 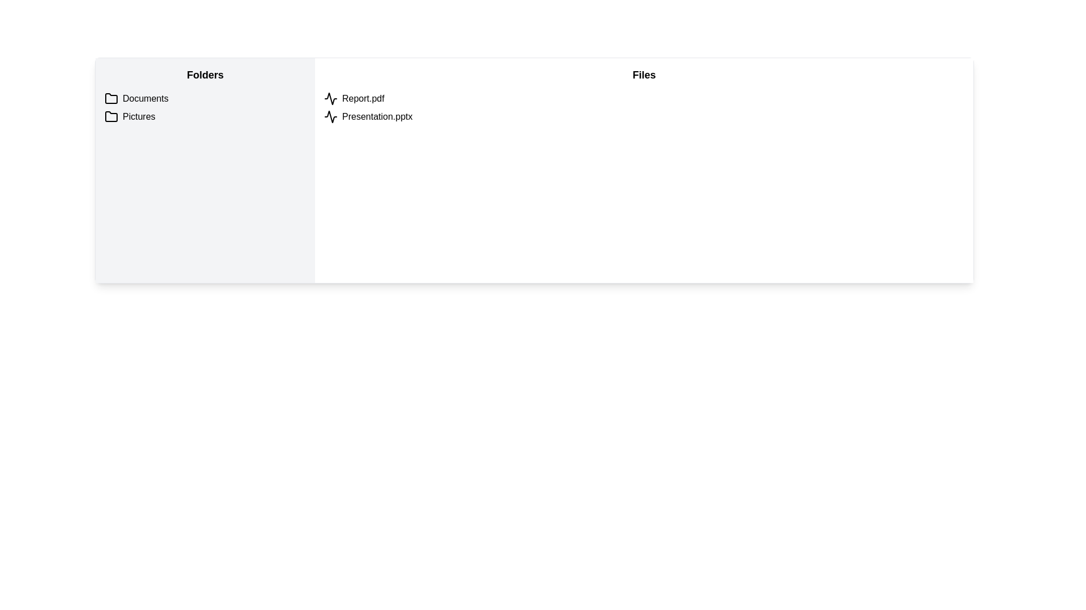 What do you see at coordinates (111, 98) in the screenshot?
I see `the topmost folder icon in the 'Folders' column, which is positioned directly to the left of the text label 'Documents'` at bounding box center [111, 98].